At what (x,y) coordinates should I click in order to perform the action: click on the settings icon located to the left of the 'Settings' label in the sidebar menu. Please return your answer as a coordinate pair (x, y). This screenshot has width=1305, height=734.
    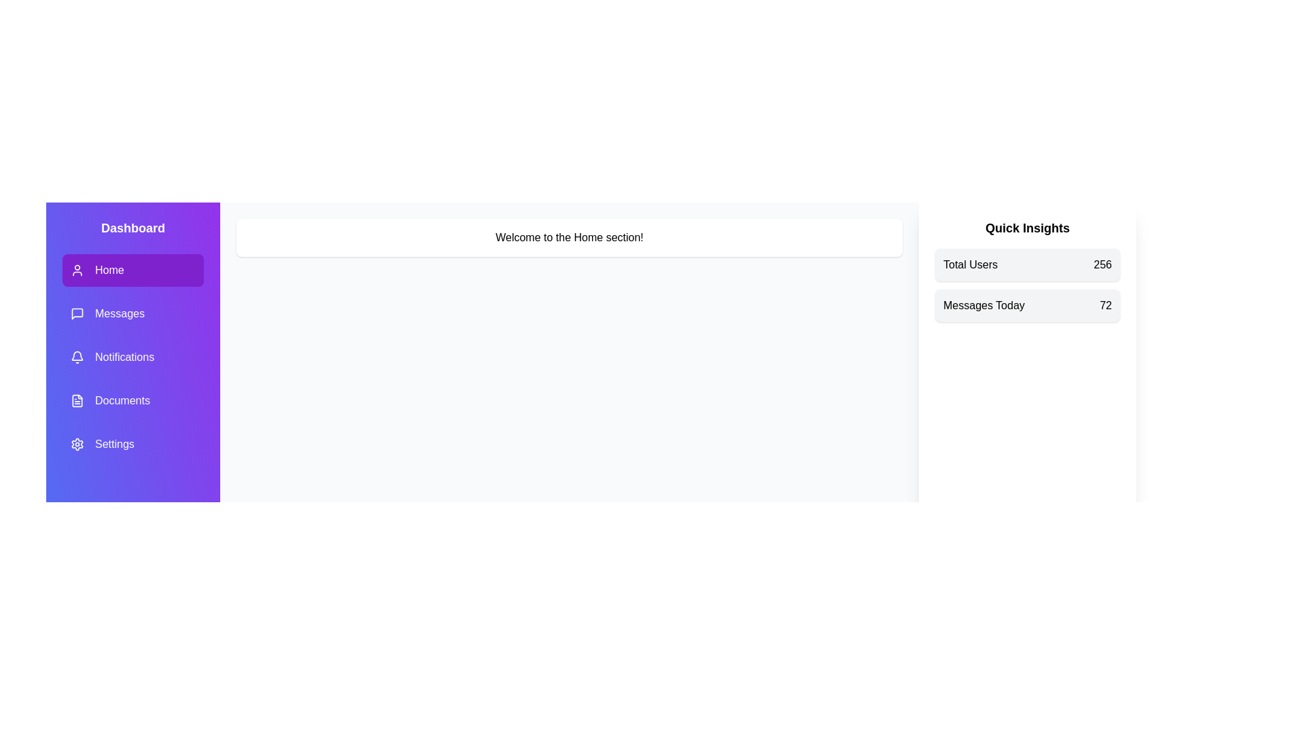
    Looking at the image, I should click on (77, 444).